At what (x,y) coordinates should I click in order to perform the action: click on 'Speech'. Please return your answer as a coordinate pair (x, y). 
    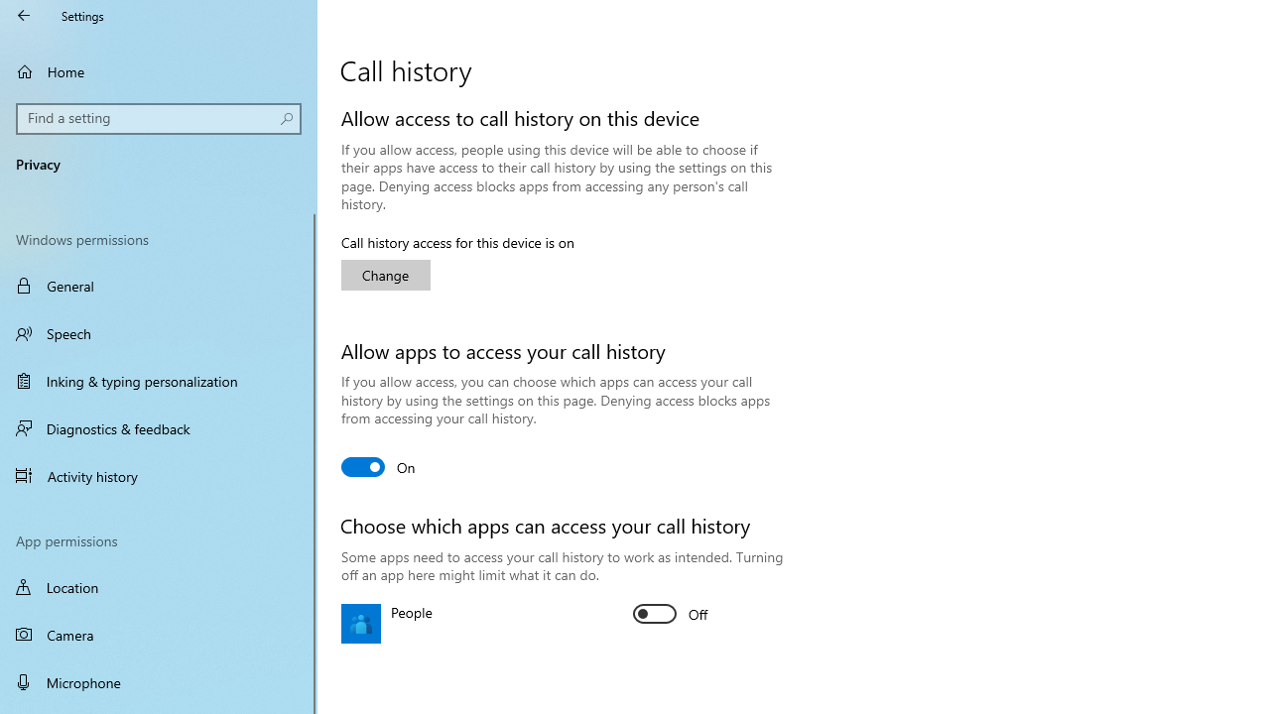
    Looking at the image, I should click on (159, 331).